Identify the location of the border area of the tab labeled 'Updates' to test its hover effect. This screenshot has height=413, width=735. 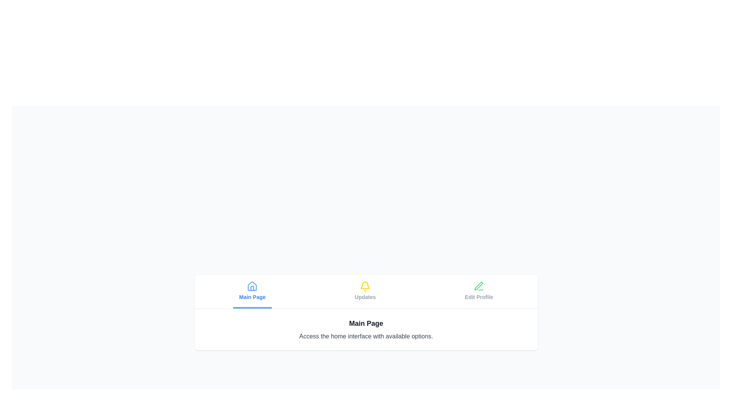
(365, 291).